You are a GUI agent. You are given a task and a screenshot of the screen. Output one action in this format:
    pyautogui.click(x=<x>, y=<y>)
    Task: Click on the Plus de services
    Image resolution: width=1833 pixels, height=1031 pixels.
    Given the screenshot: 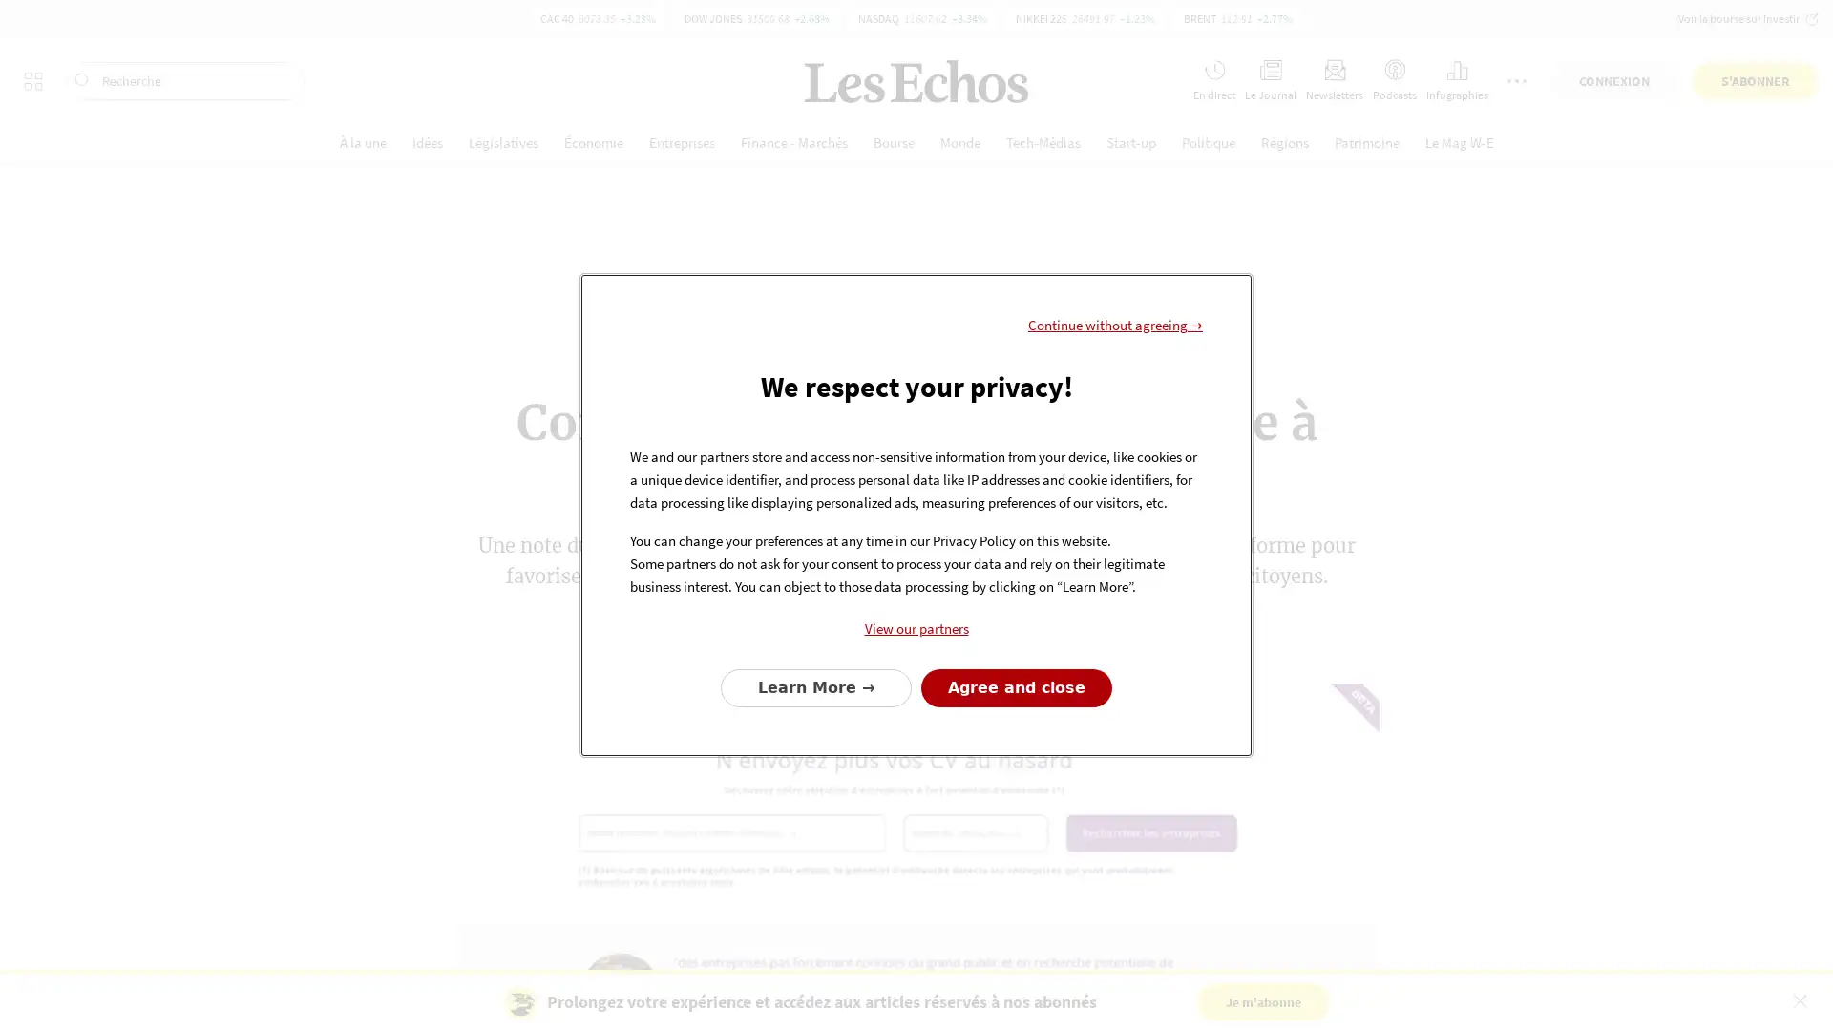 What is the action you would take?
    pyautogui.click(x=1515, y=26)
    